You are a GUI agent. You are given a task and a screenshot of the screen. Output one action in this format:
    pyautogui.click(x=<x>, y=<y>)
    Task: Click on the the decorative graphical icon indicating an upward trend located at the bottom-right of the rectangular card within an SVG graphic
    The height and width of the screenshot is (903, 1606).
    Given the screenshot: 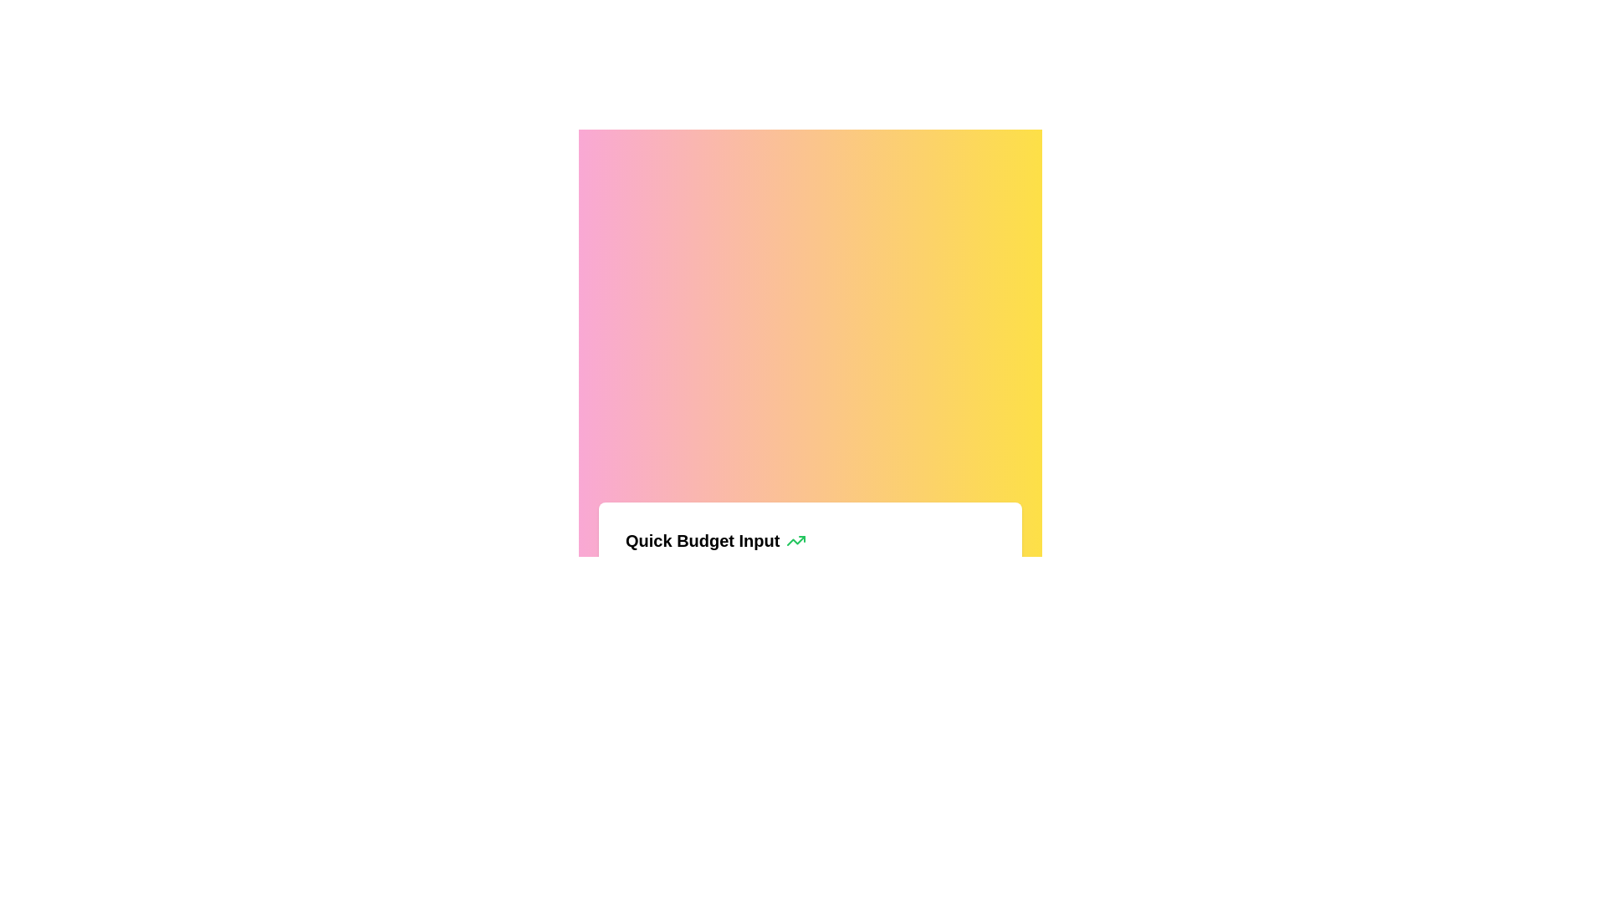 What is the action you would take?
    pyautogui.click(x=795, y=541)
    